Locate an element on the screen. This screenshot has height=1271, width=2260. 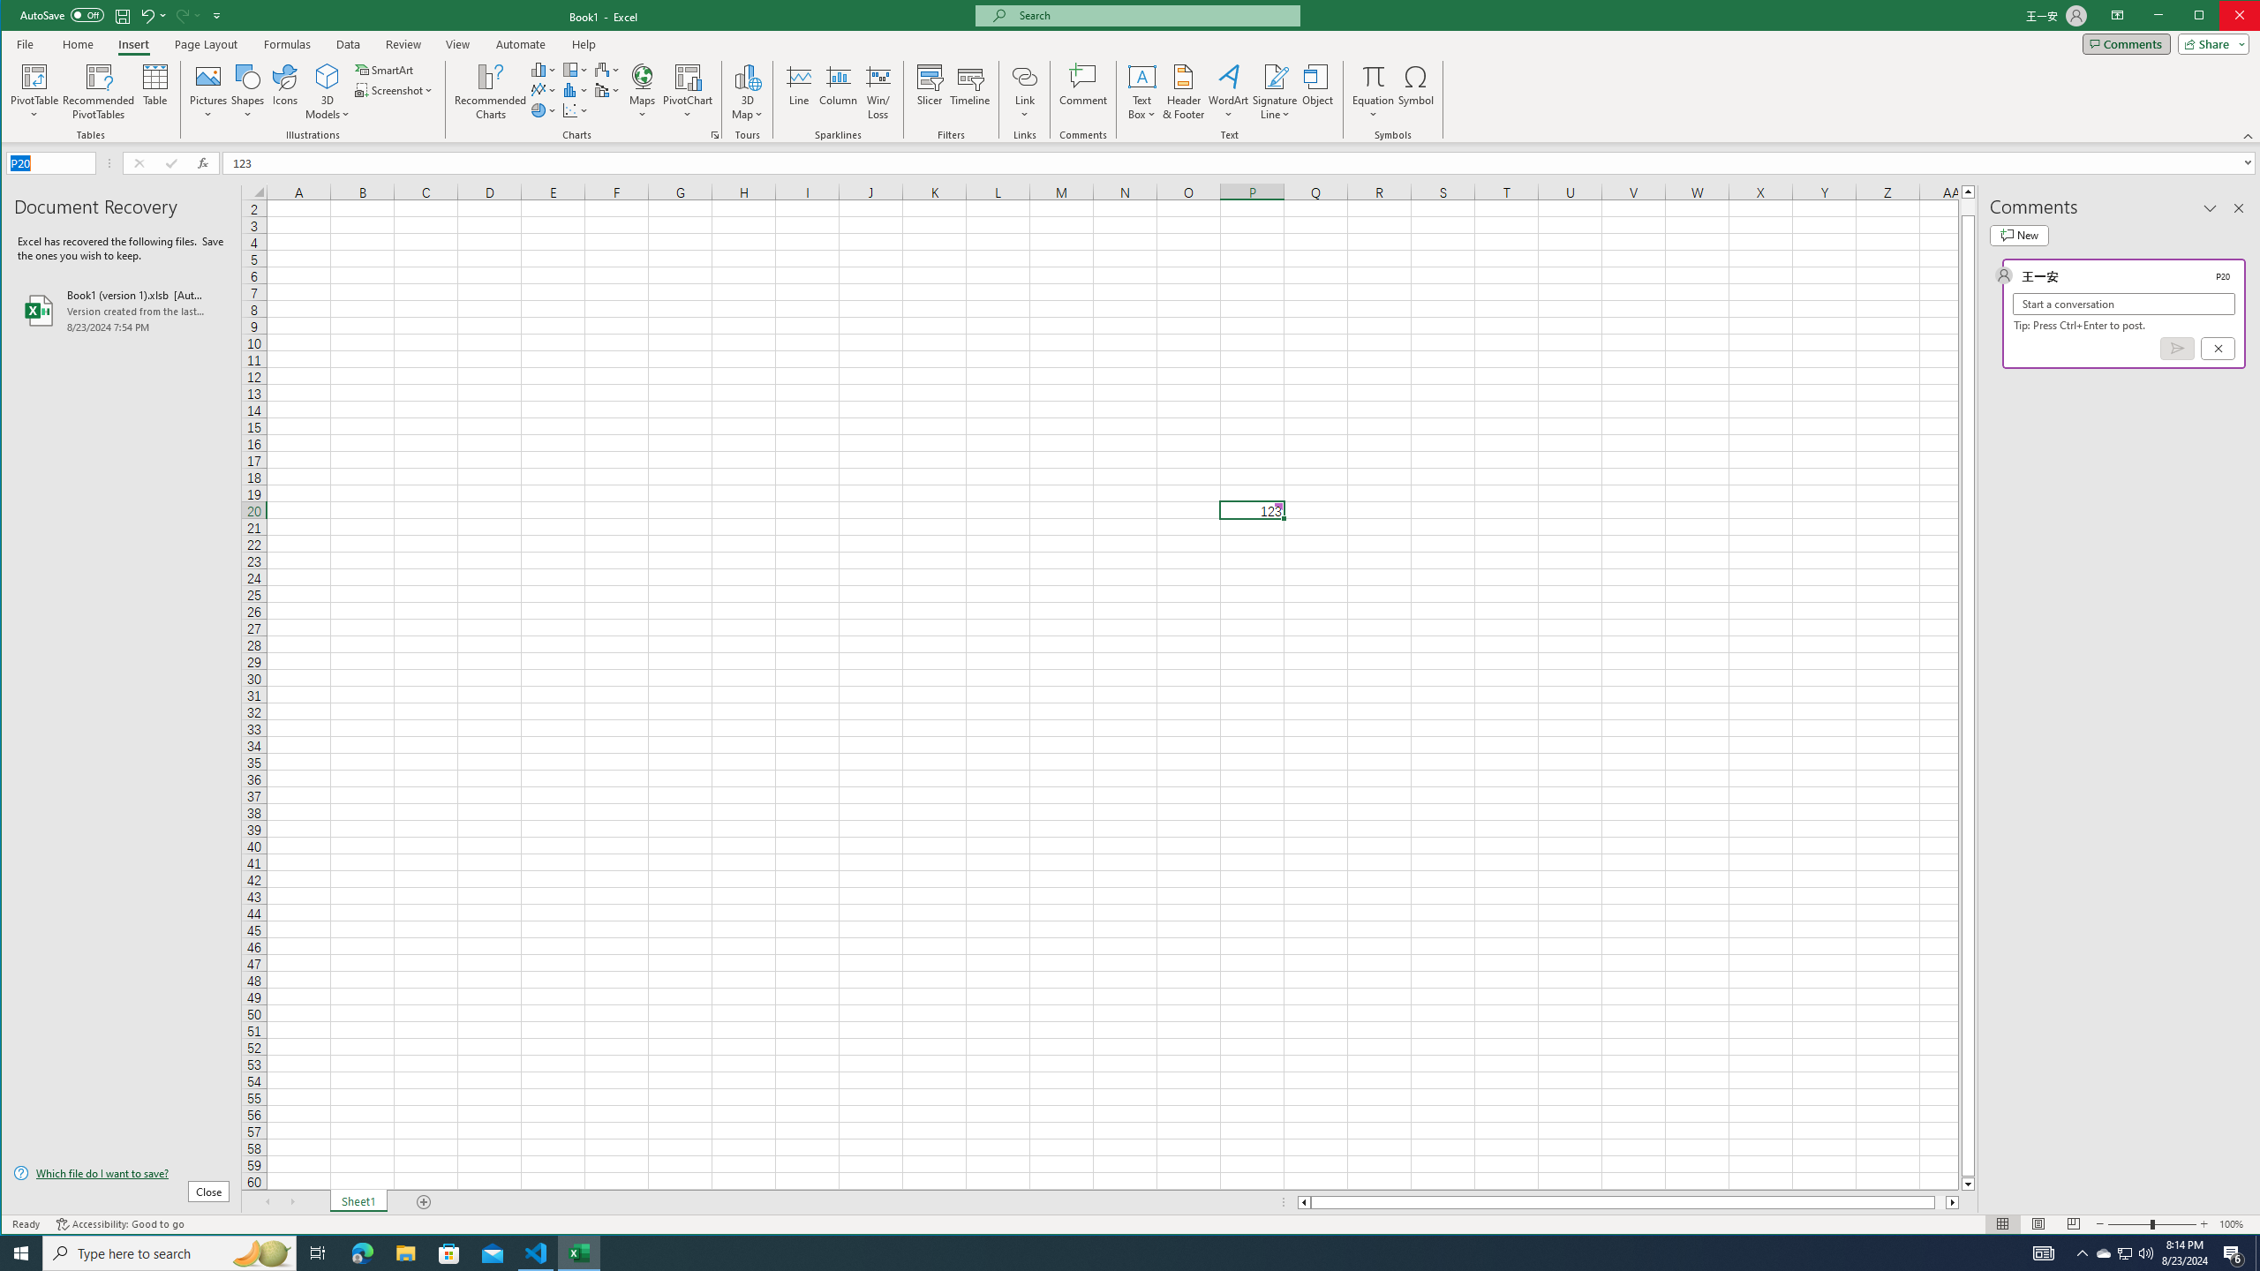
'Win/Loss' is located at coordinates (878, 91).